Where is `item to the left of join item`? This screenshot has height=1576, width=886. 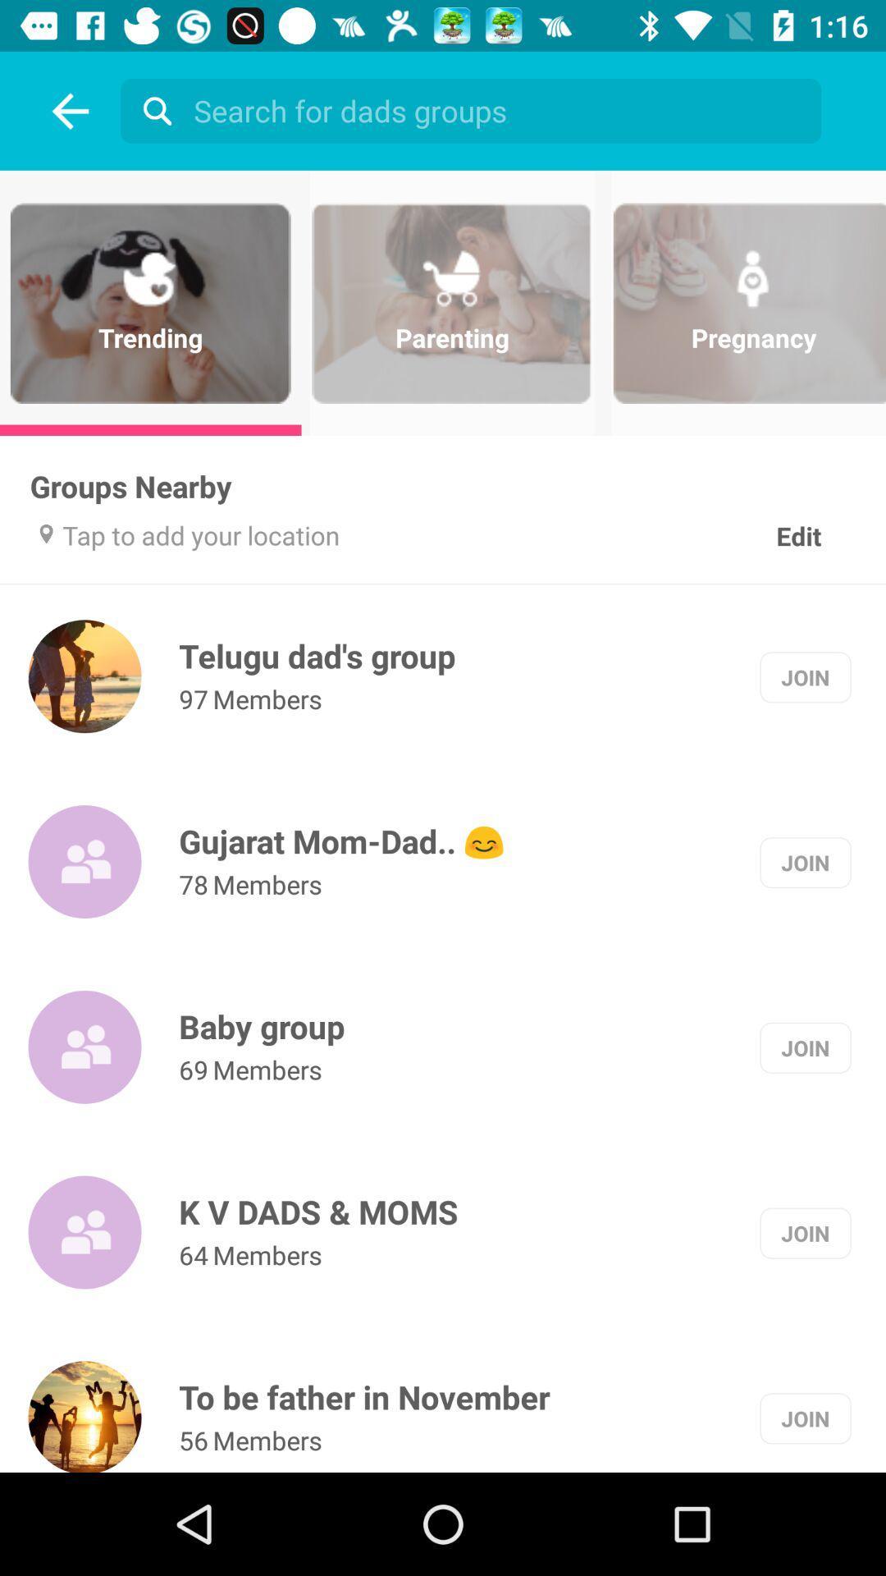 item to the left of join item is located at coordinates (318, 1212).